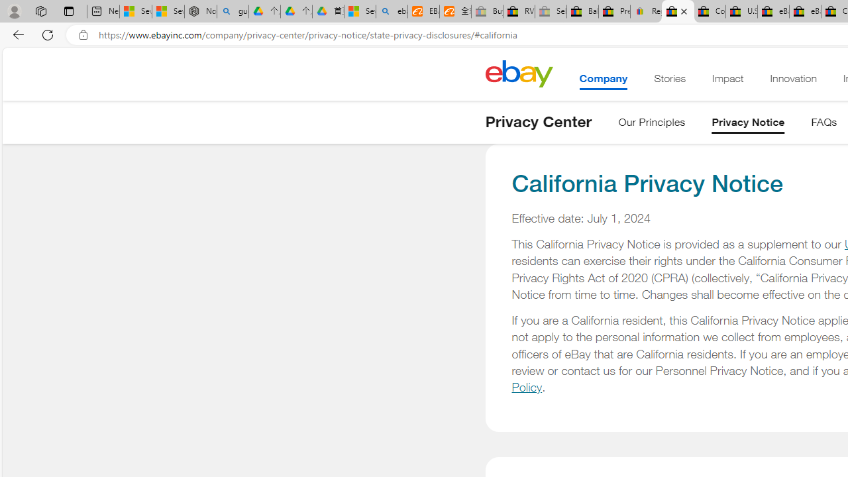  Describe the element at coordinates (551, 11) in the screenshot. I see `'Sell worldwide with eBay - Sleeping'` at that location.